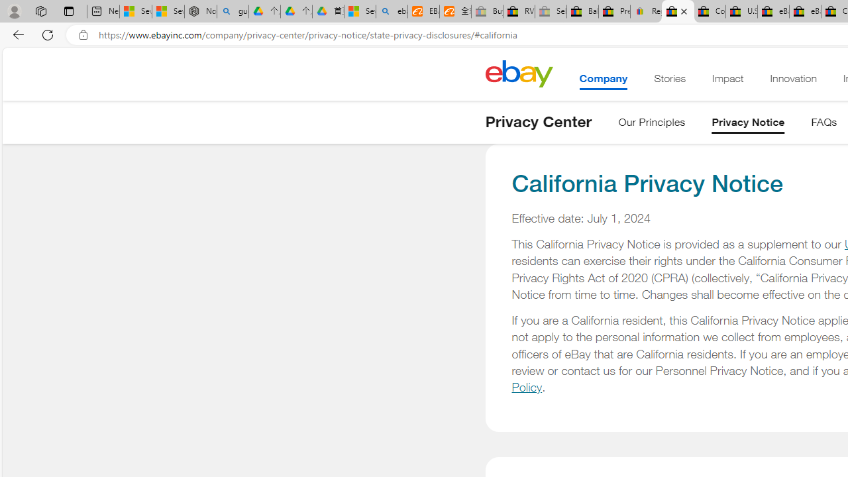  Describe the element at coordinates (551, 11) in the screenshot. I see `'Sell worldwide with eBay - Sleeping'` at that location.